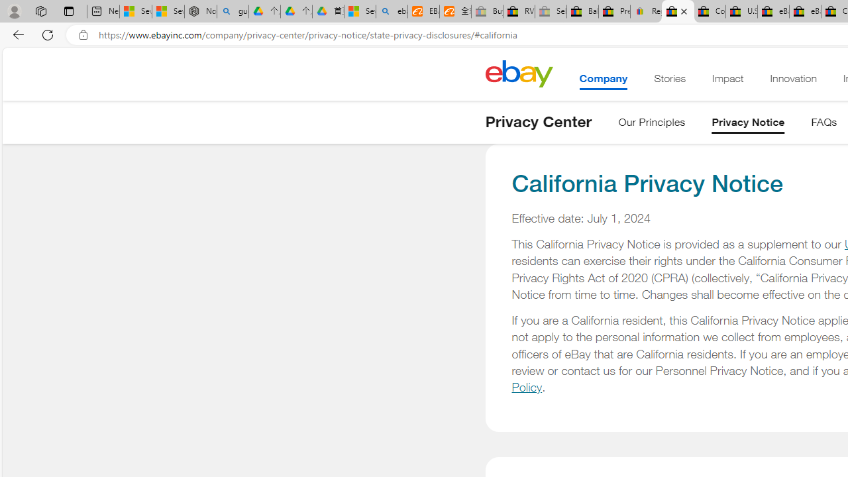  Describe the element at coordinates (551, 11) in the screenshot. I see `'Sell worldwide with eBay - Sleeping'` at that location.